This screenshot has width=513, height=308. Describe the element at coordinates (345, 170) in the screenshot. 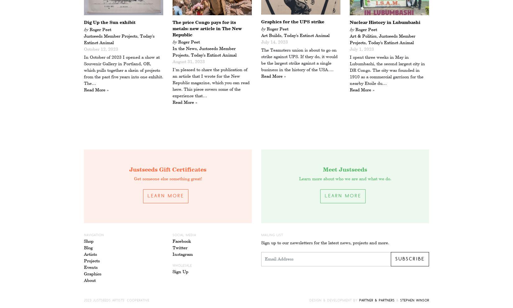

I see `'Meet Justseeds'` at that location.